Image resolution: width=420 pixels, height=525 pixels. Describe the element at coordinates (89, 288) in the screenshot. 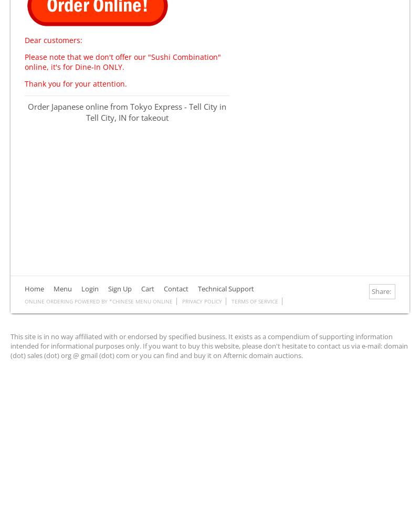

I see `'Login'` at that location.